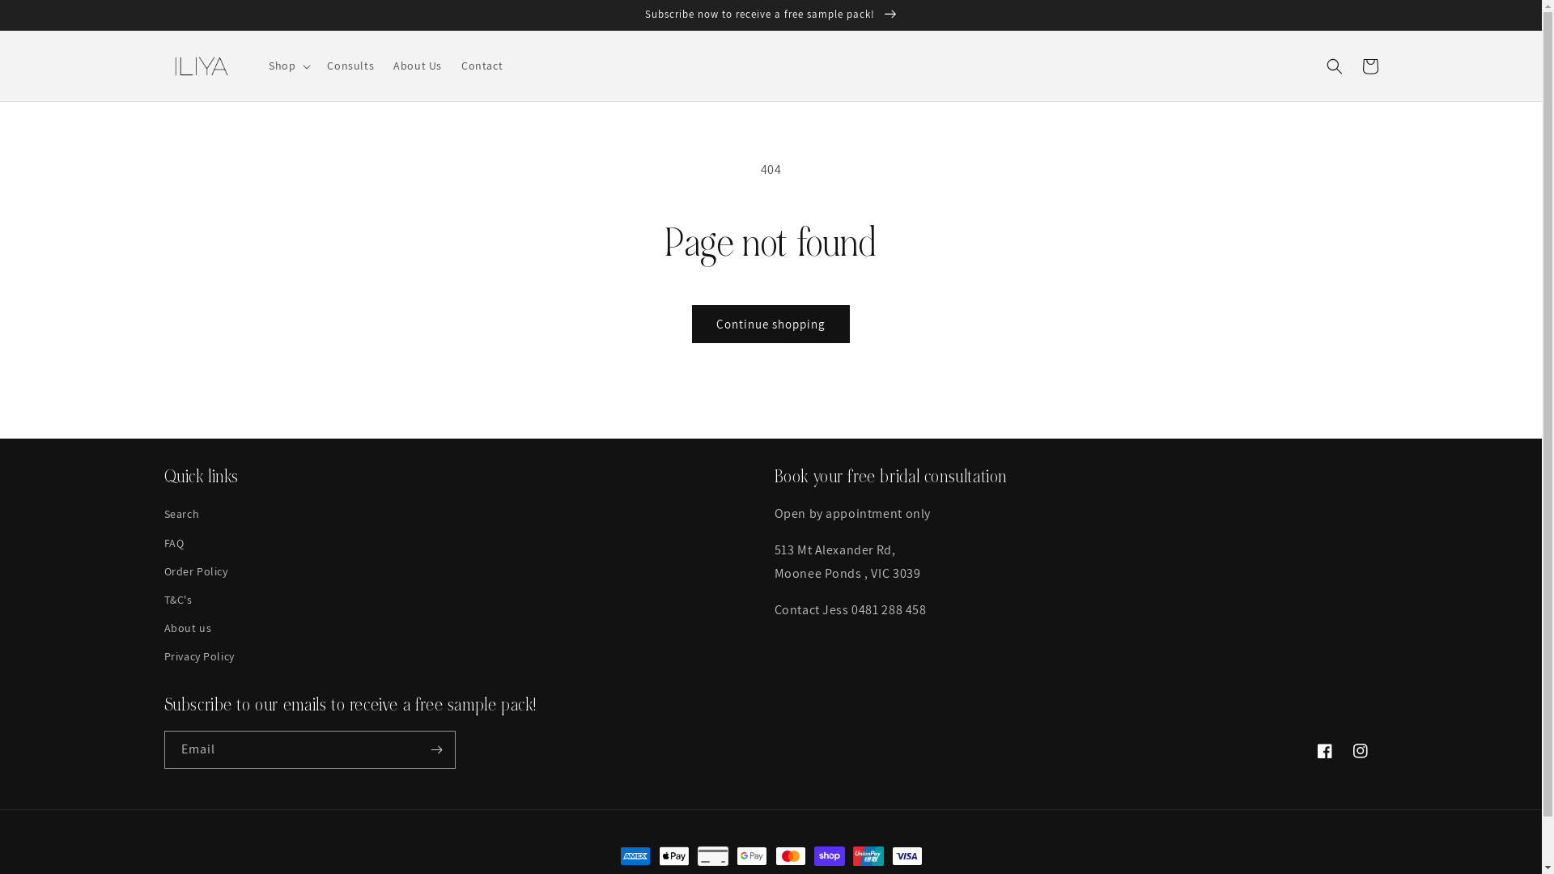 The height and width of the screenshot is (874, 1554). I want to click on 'Continue shopping', so click(770, 324).